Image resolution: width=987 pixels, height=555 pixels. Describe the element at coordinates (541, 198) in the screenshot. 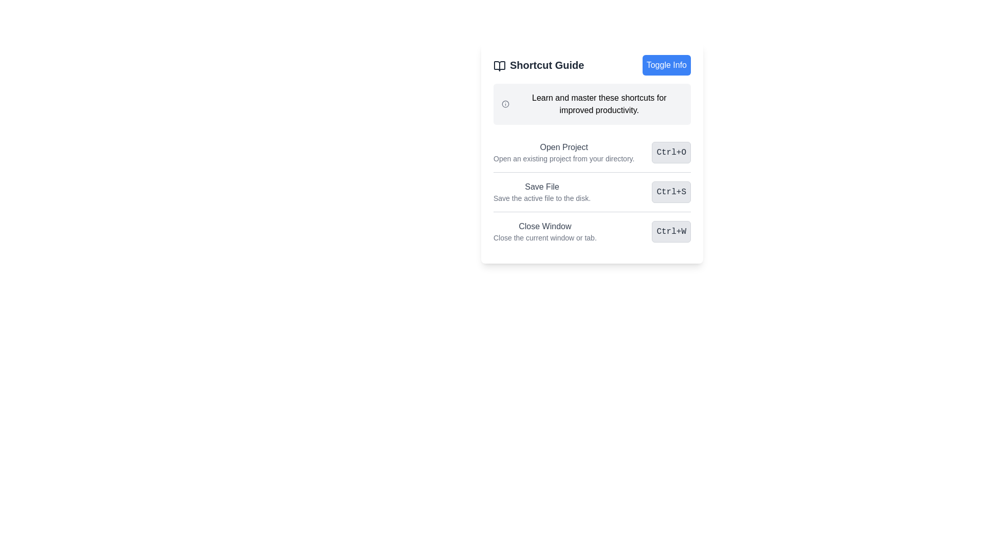

I see `the text element that reads 'Save the active file to the disk.' which is displayed in a light-gray font below the heading 'Save File.'` at that location.